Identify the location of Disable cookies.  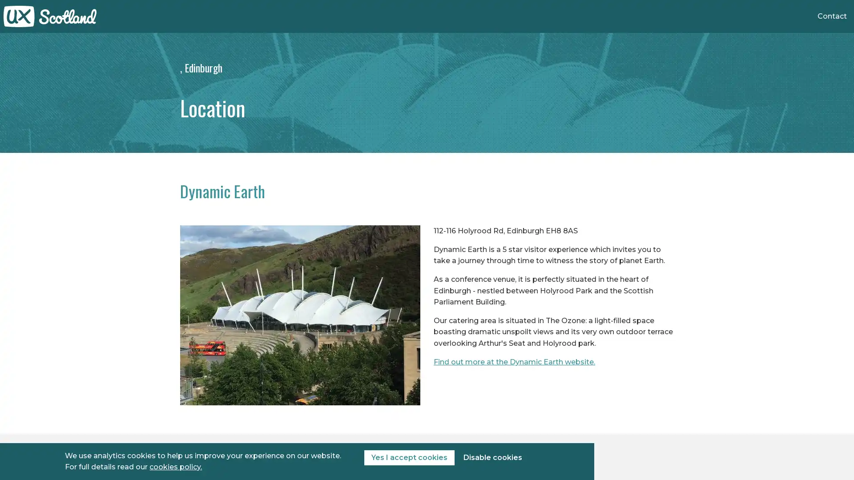
(492, 457).